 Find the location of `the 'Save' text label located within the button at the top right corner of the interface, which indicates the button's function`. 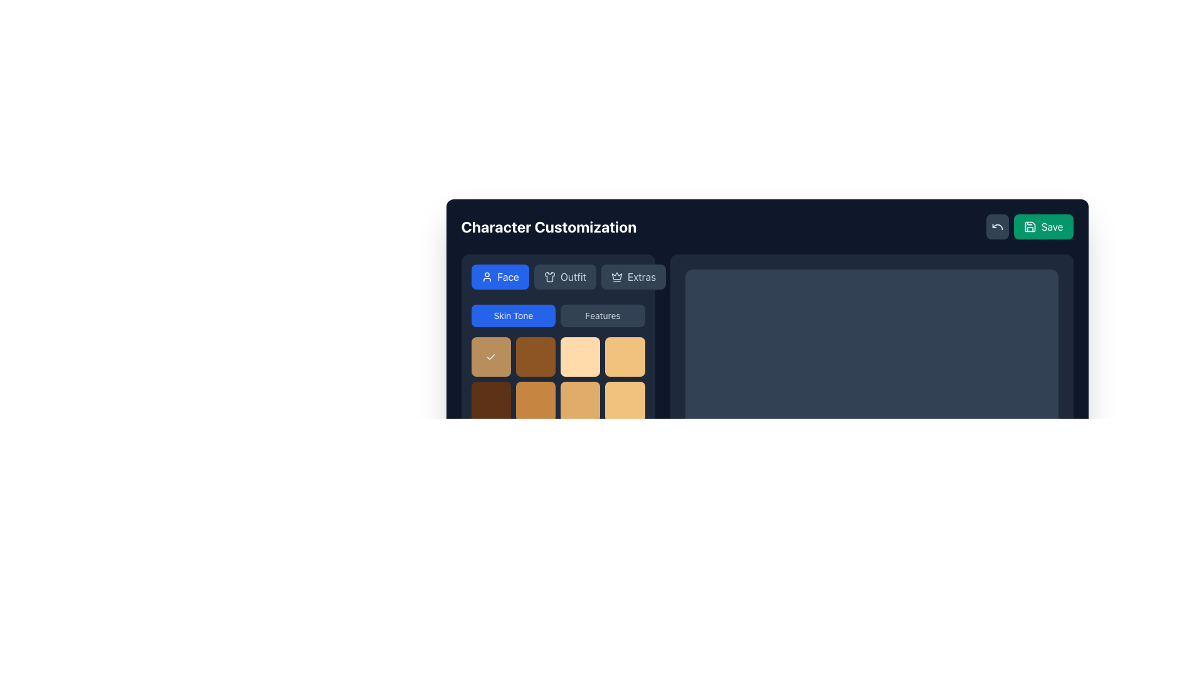

the 'Save' text label located within the button at the top right corner of the interface, which indicates the button's function is located at coordinates (1052, 227).